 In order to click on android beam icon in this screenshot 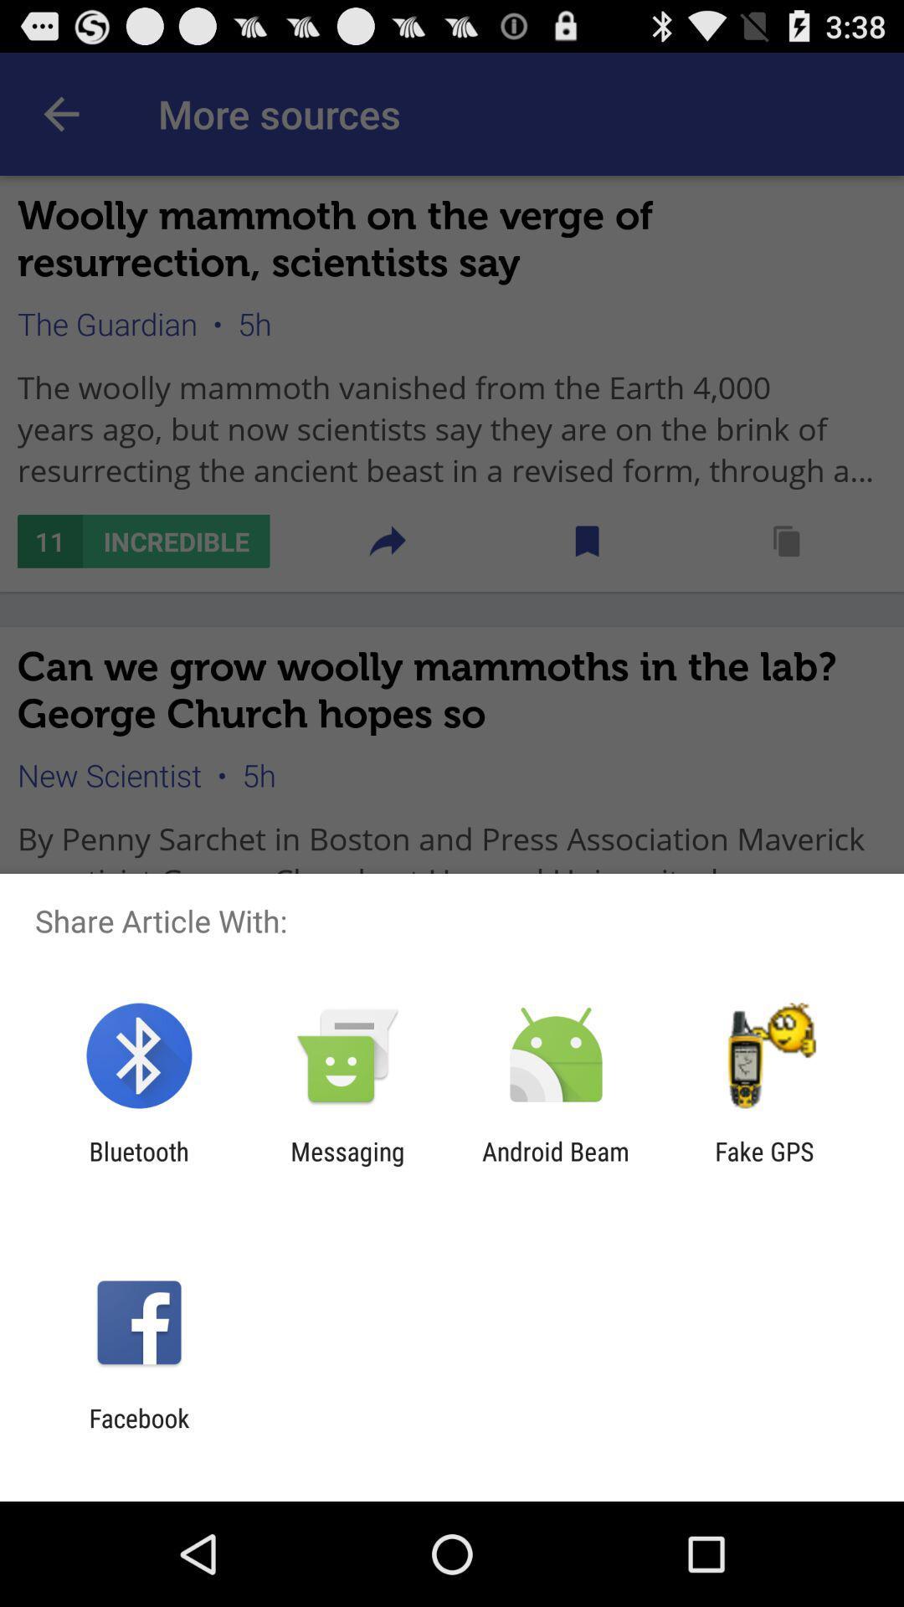, I will do `click(556, 1165)`.